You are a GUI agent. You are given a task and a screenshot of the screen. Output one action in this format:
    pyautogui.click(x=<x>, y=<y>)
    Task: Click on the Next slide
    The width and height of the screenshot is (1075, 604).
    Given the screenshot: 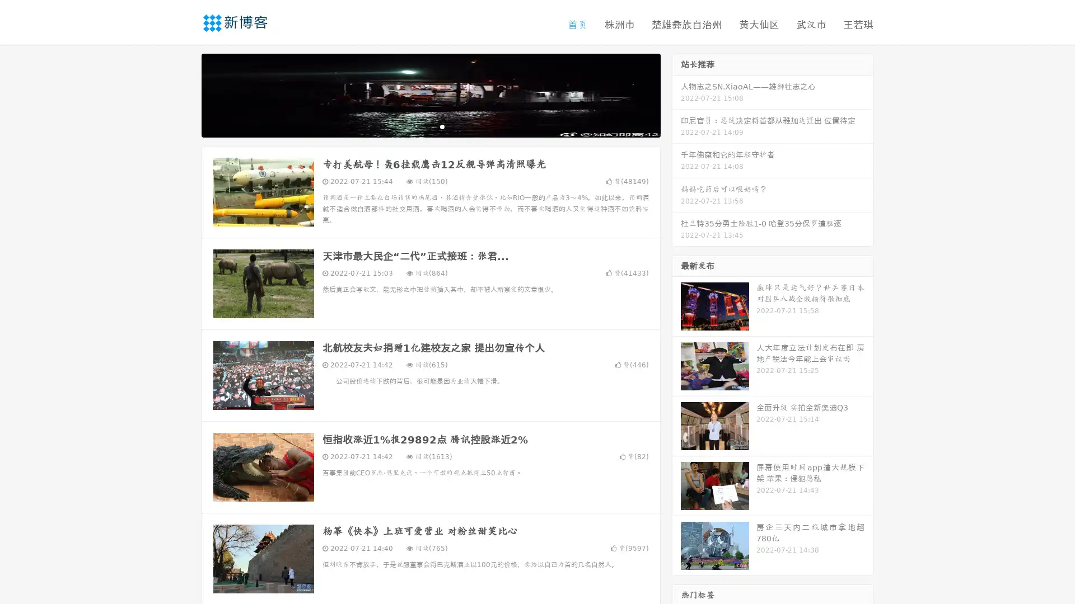 What is the action you would take?
    pyautogui.click(x=676, y=94)
    